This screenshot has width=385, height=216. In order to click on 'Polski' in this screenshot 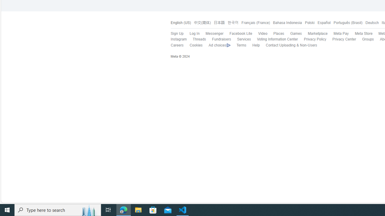, I will do `click(310, 22)`.